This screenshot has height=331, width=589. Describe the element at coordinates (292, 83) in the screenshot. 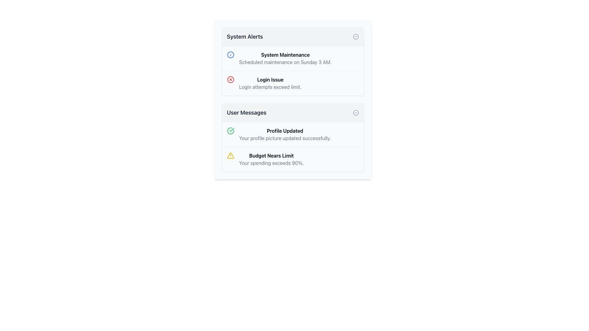

I see `the red circular icon with an 'X' that indicates a 'Login Issue' alert message, located in the 'System Alerts' section` at that location.